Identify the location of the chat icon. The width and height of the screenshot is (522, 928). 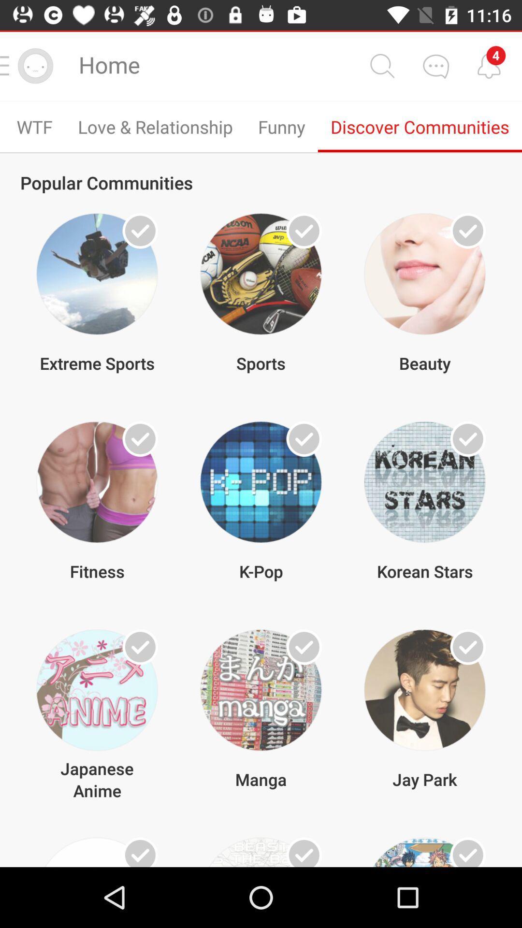
(435, 65).